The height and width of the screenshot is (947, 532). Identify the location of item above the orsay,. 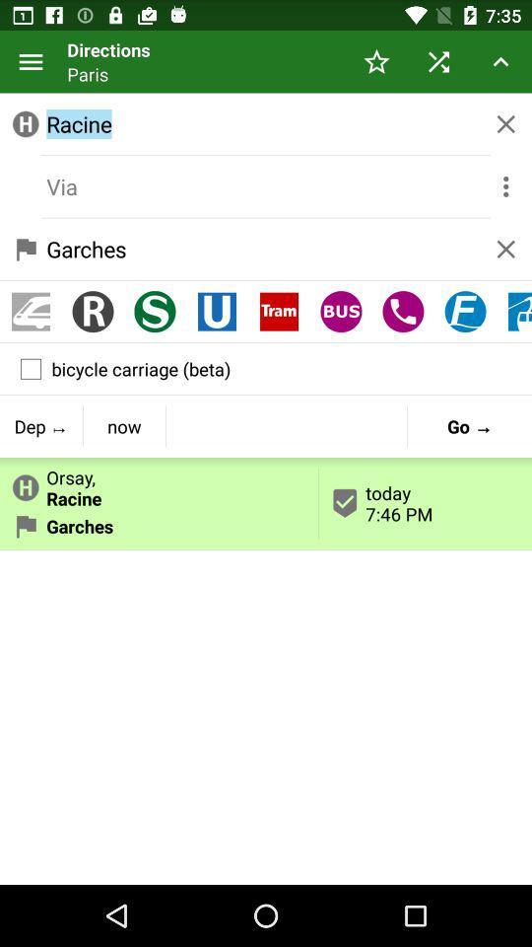
(124, 426).